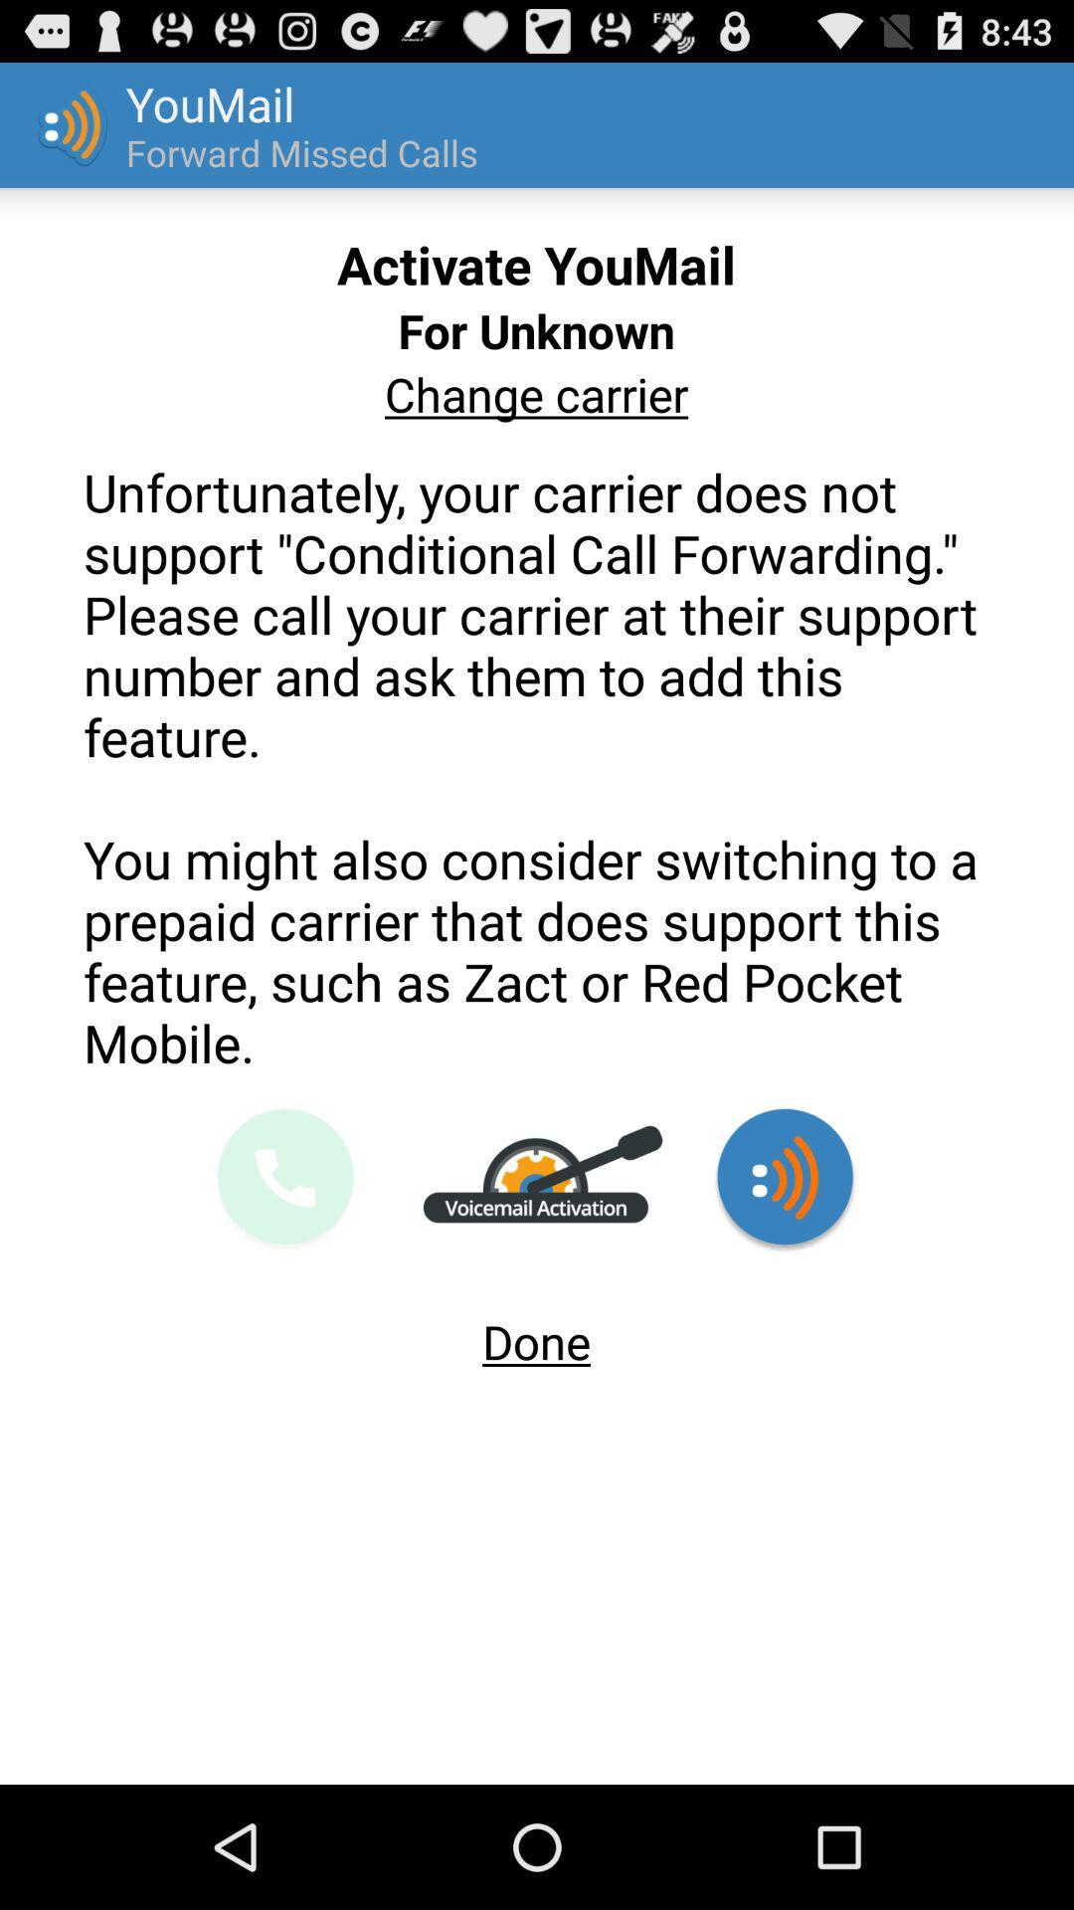 Image resolution: width=1074 pixels, height=1910 pixels. What do you see at coordinates (535, 1333) in the screenshot?
I see `done item` at bounding box center [535, 1333].